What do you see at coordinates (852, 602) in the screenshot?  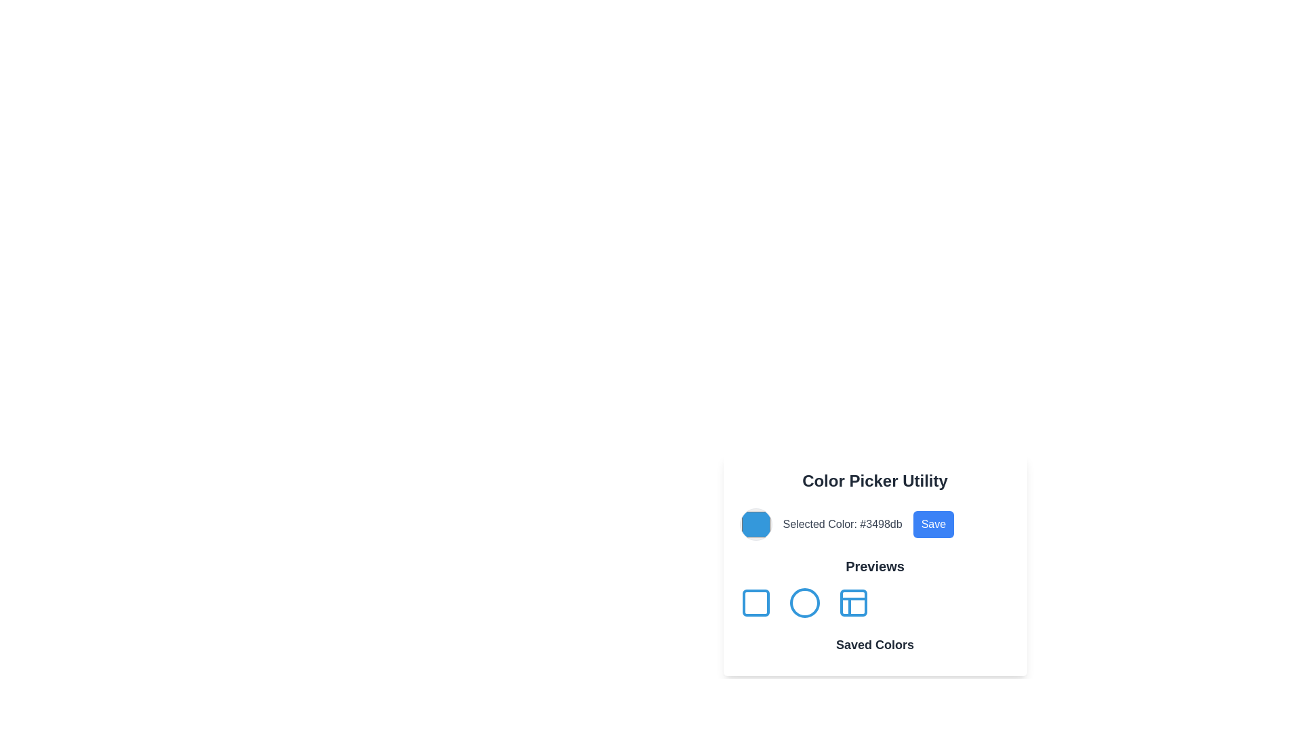 I see `the small, rounded blue rectangle within the third preview icon in the 'Previews' section of the 'Color Picker Utility'` at bounding box center [852, 602].